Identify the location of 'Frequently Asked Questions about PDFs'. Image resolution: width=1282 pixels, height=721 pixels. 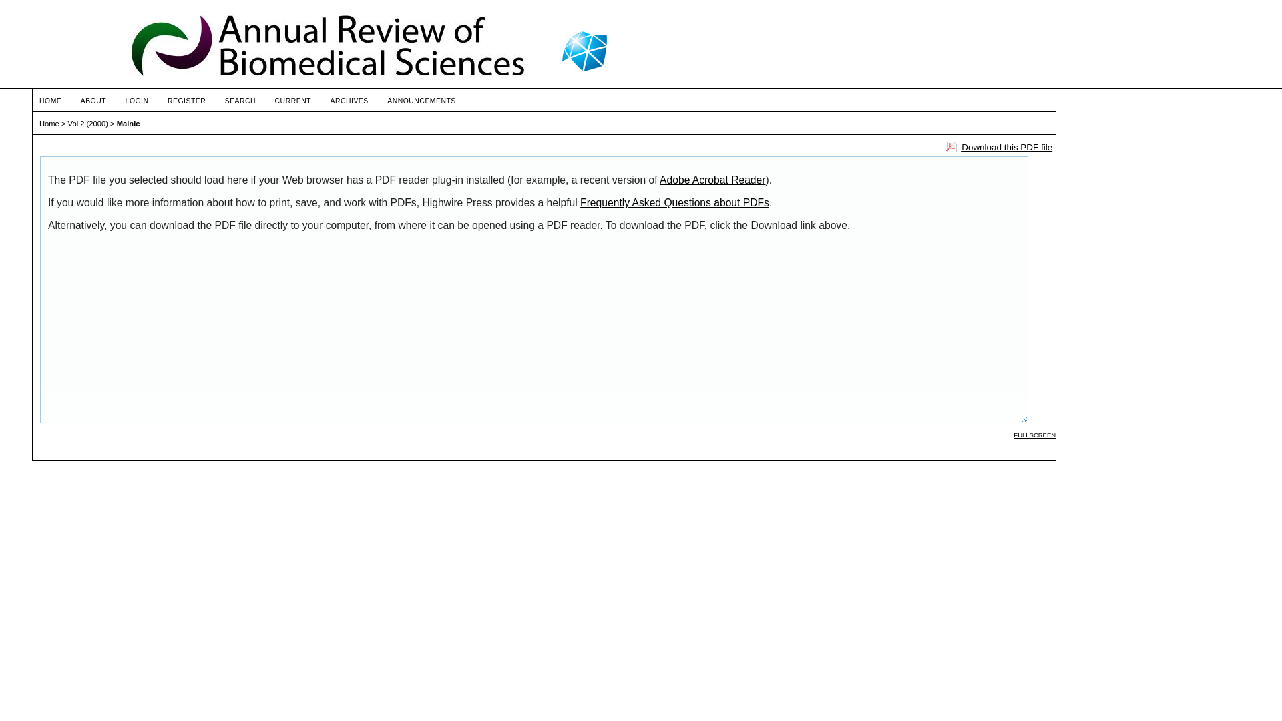
(674, 202).